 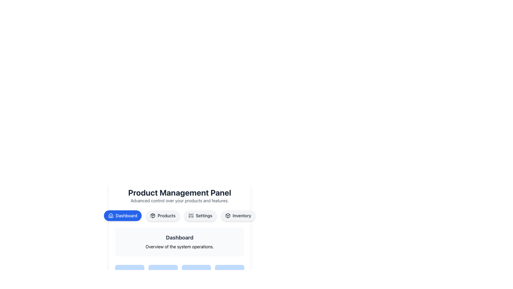 I want to click on the 'Dashboard' button, which is a prominent blue button with white text in a horizontal navigation bar, so click(x=126, y=215).